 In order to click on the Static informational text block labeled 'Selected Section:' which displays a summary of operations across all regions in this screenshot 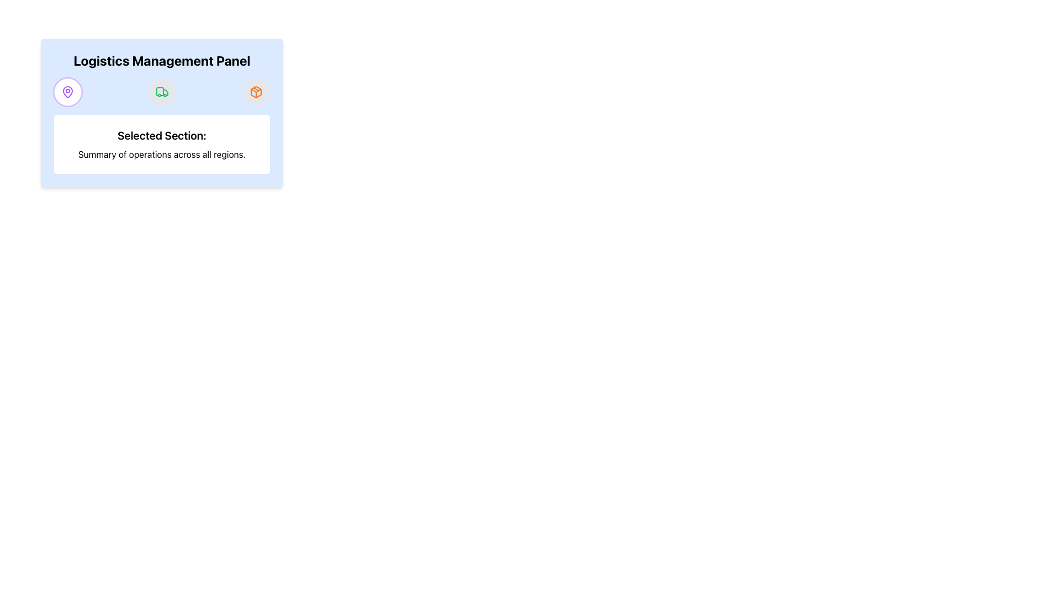, I will do `click(161, 144)`.